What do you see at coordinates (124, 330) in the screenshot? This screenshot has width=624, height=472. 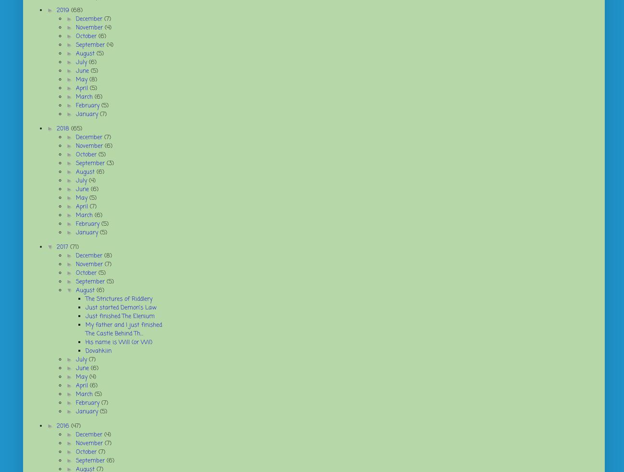 I see `'My father and I just finished The Castle Behind Th...'` at bounding box center [124, 330].